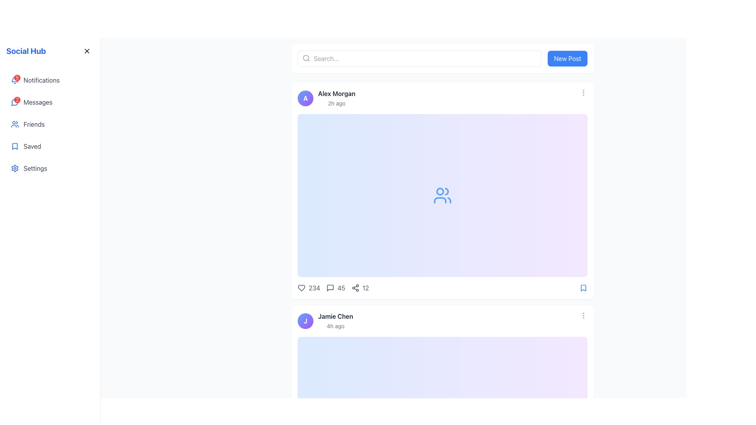  Describe the element at coordinates (305, 98) in the screenshot. I see `the circular profile icon with a gradient background and a bold white letter 'A'` at that location.